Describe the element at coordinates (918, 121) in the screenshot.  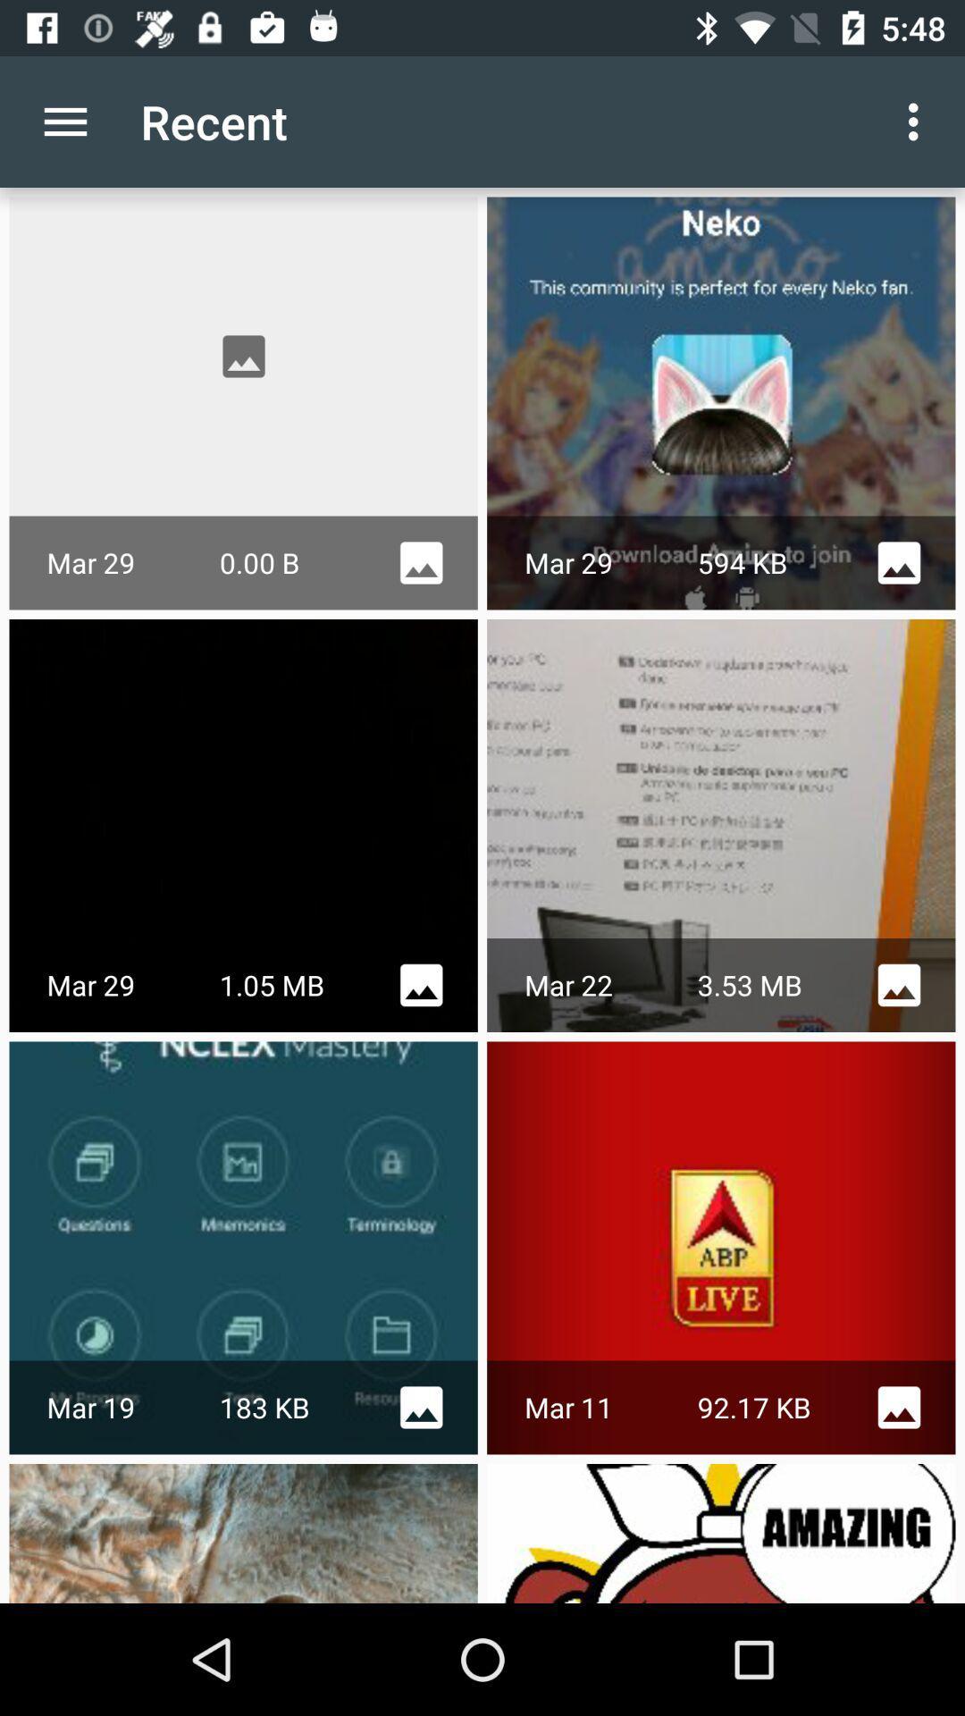
I see `the icon next to the recent app` at that location.